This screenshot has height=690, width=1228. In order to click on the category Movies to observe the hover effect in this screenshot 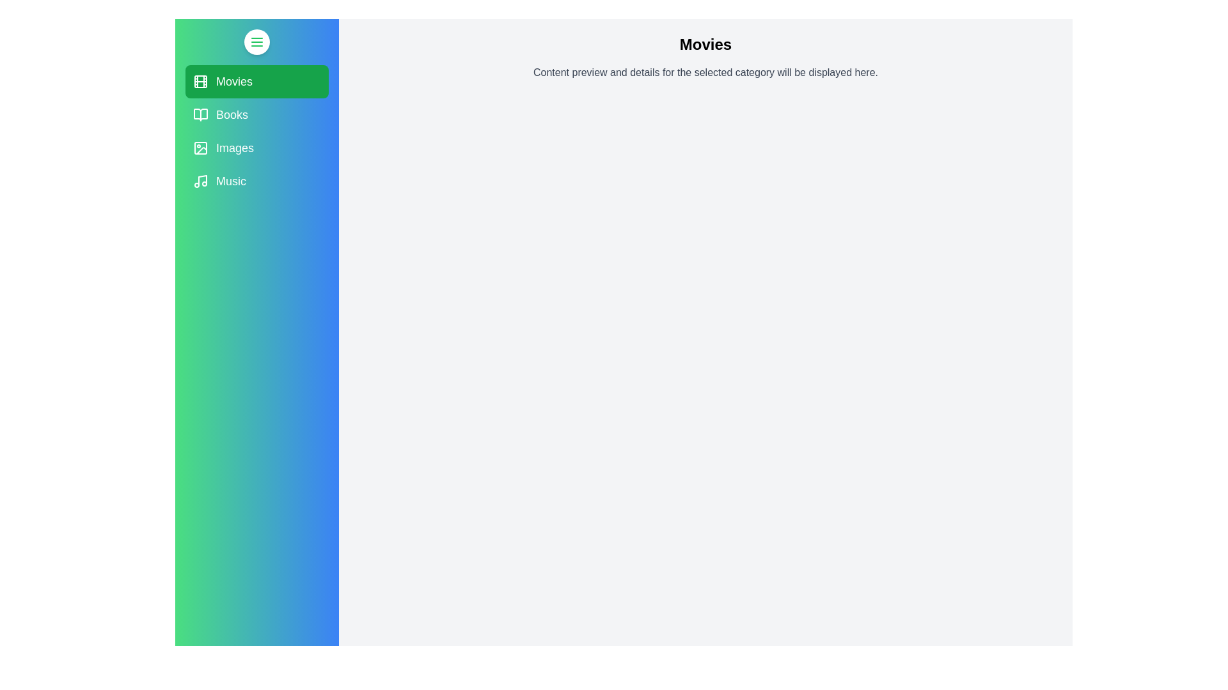, I will do `click(256, 81)`.